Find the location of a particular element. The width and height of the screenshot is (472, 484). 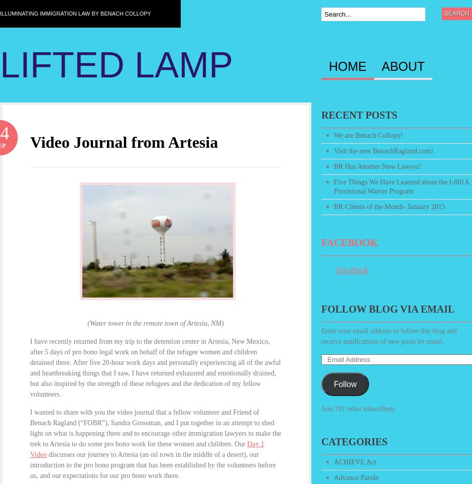

'Day 1 Video' is located at coordinates (146, 448).